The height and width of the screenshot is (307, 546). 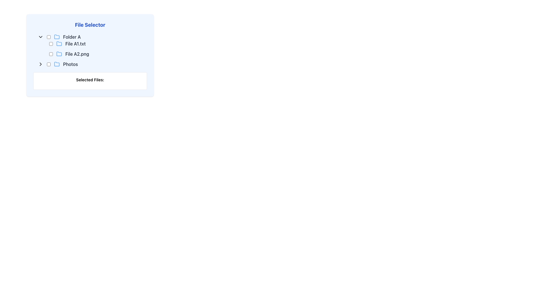 What do you see at coordinates (92, 37) in the screenshot?
I see `the checkbox of the folder named 'Folder A'` at bounding box center [92, 37].